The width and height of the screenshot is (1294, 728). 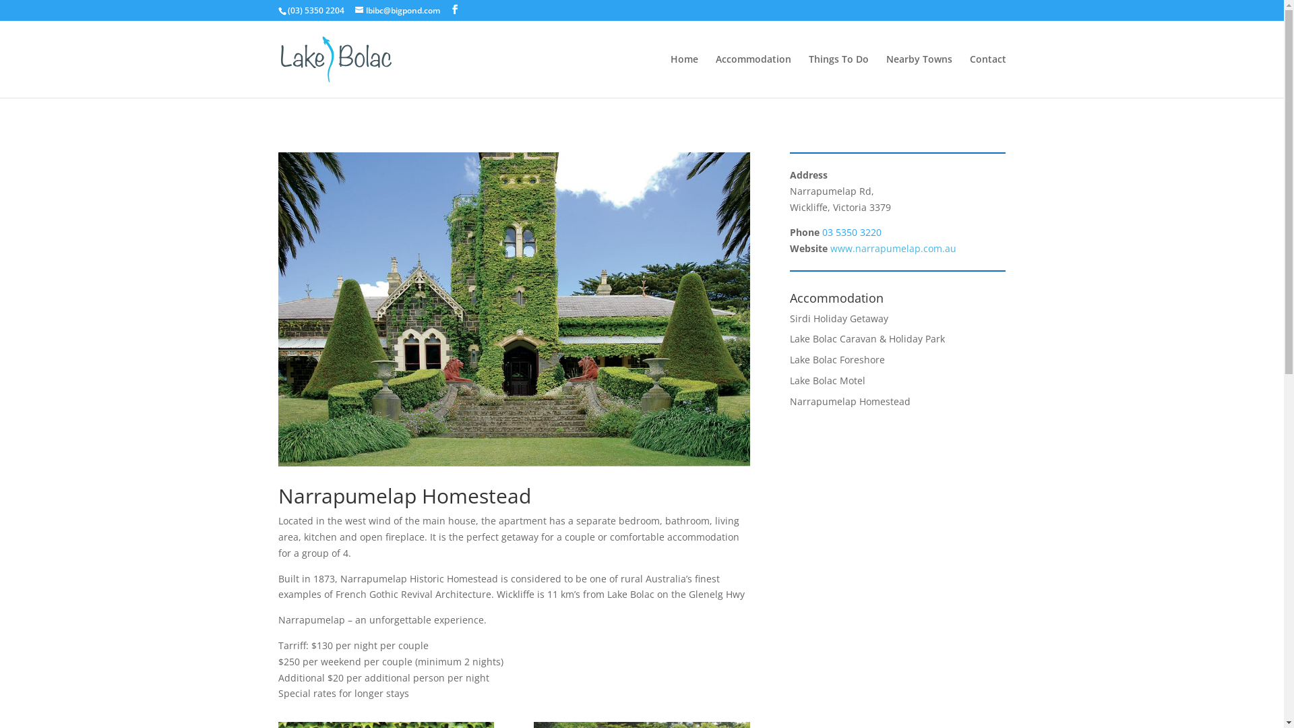 I want to click on 'Nearby Towns', so click(x=918, y=75).